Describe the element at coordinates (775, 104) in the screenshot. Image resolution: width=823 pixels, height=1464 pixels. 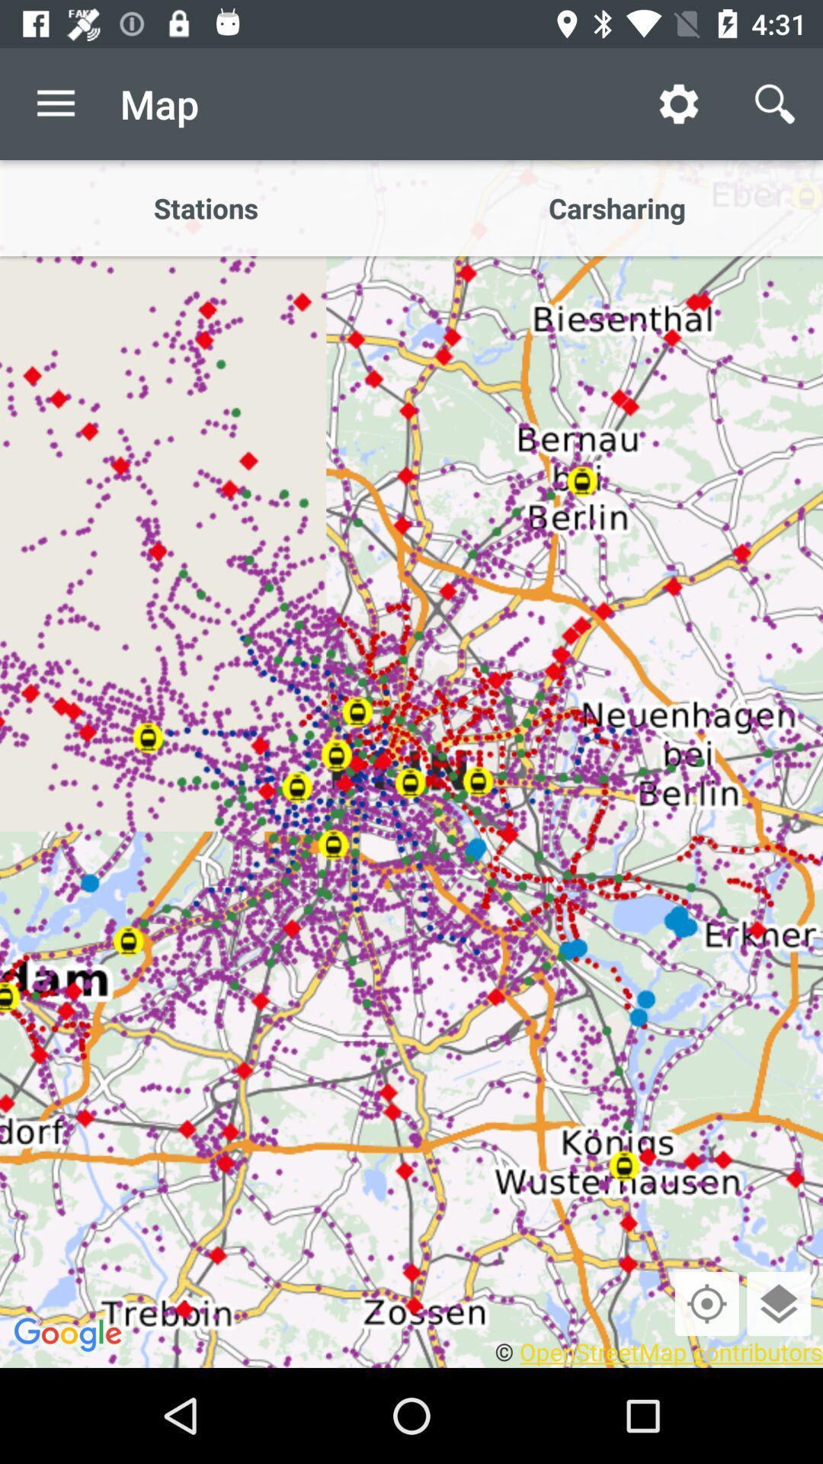
I see `search icon below time` at that location.